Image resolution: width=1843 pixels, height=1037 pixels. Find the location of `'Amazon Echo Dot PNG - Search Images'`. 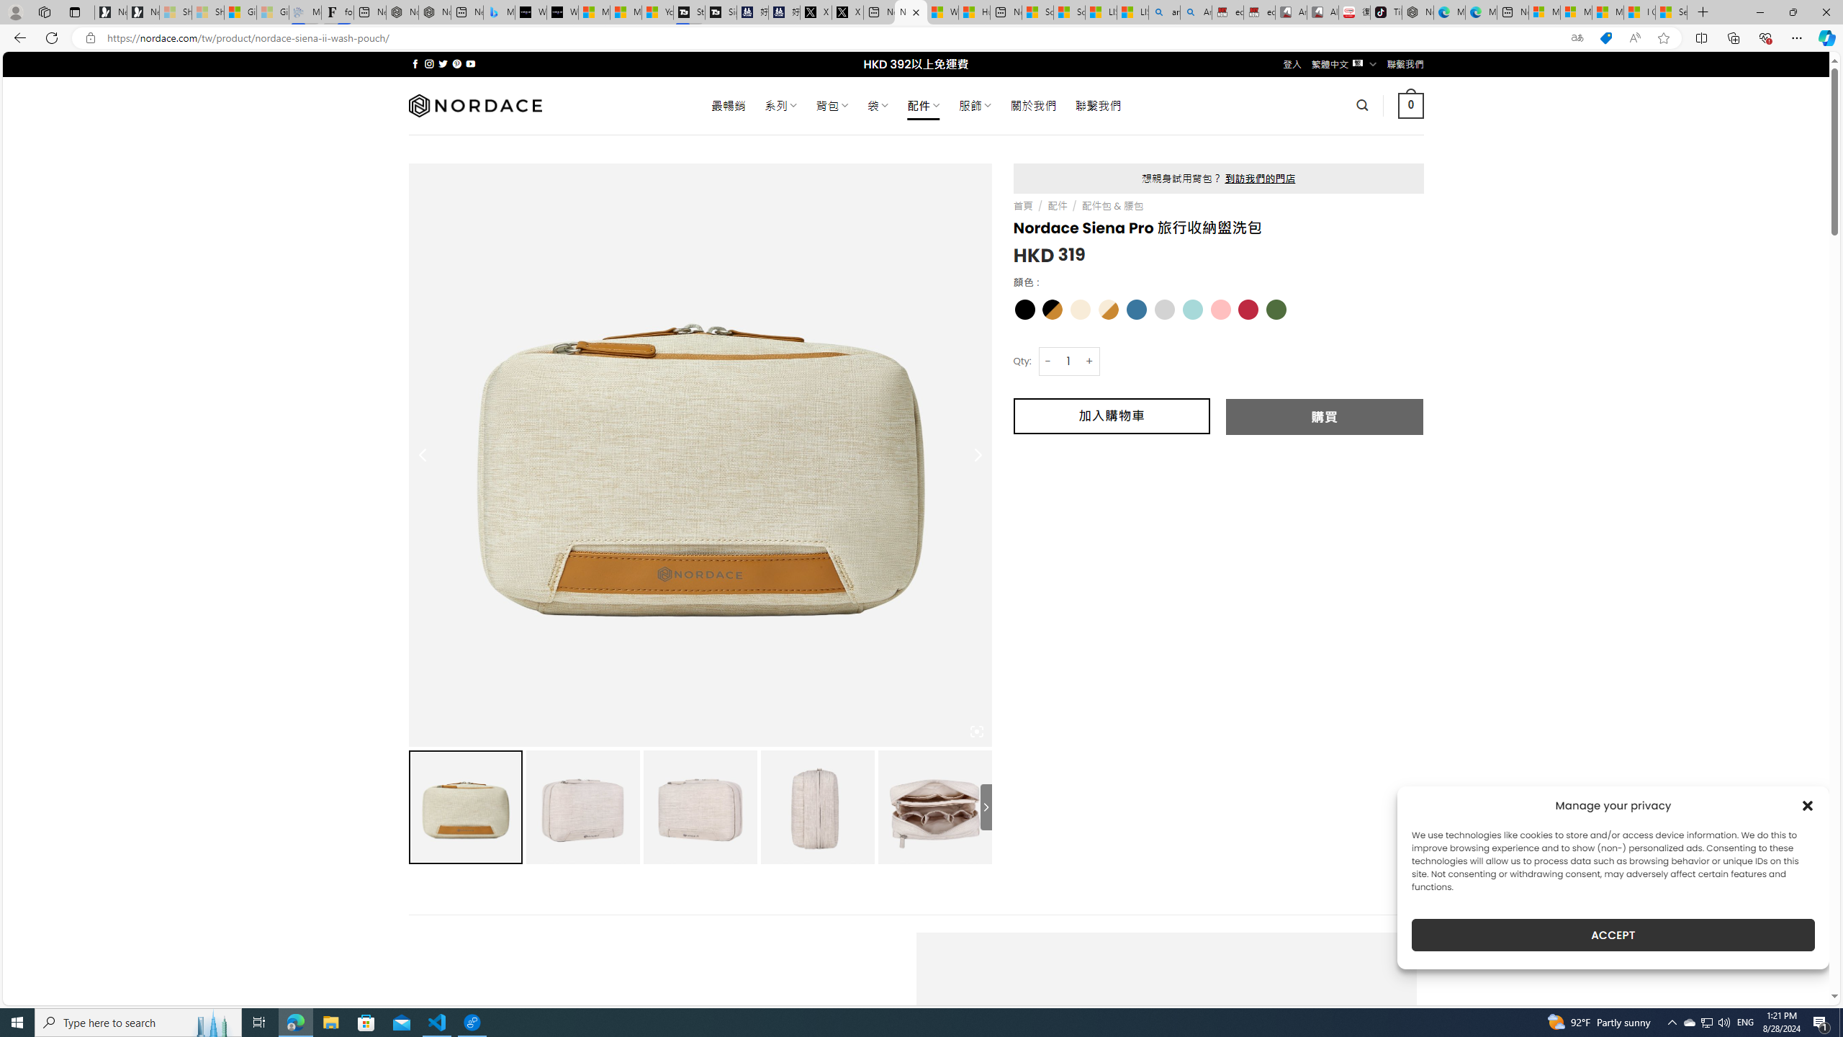

'Amazon Echo Dot PNG - Search Images' is located at coordinates (1195, 12).